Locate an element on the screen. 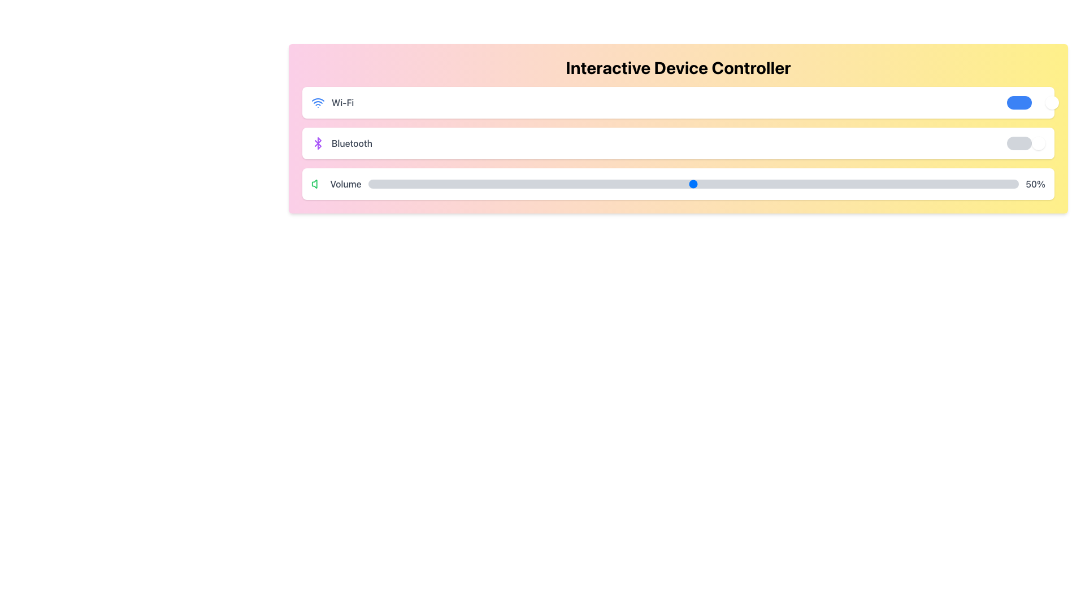  the Bluetooth icon located in the second row of the interface, immediately to the left of the 'Bluetooth' label text is located at coordinates (317, 143).